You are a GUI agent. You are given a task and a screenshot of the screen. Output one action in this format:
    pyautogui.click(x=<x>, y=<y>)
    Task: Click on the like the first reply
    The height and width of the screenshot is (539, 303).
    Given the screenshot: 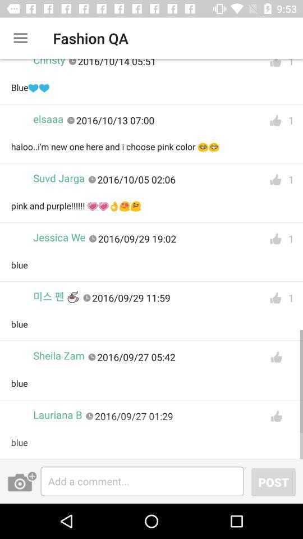 What is the action you would take?
    pyautogui.click(x=275, y=66)
    